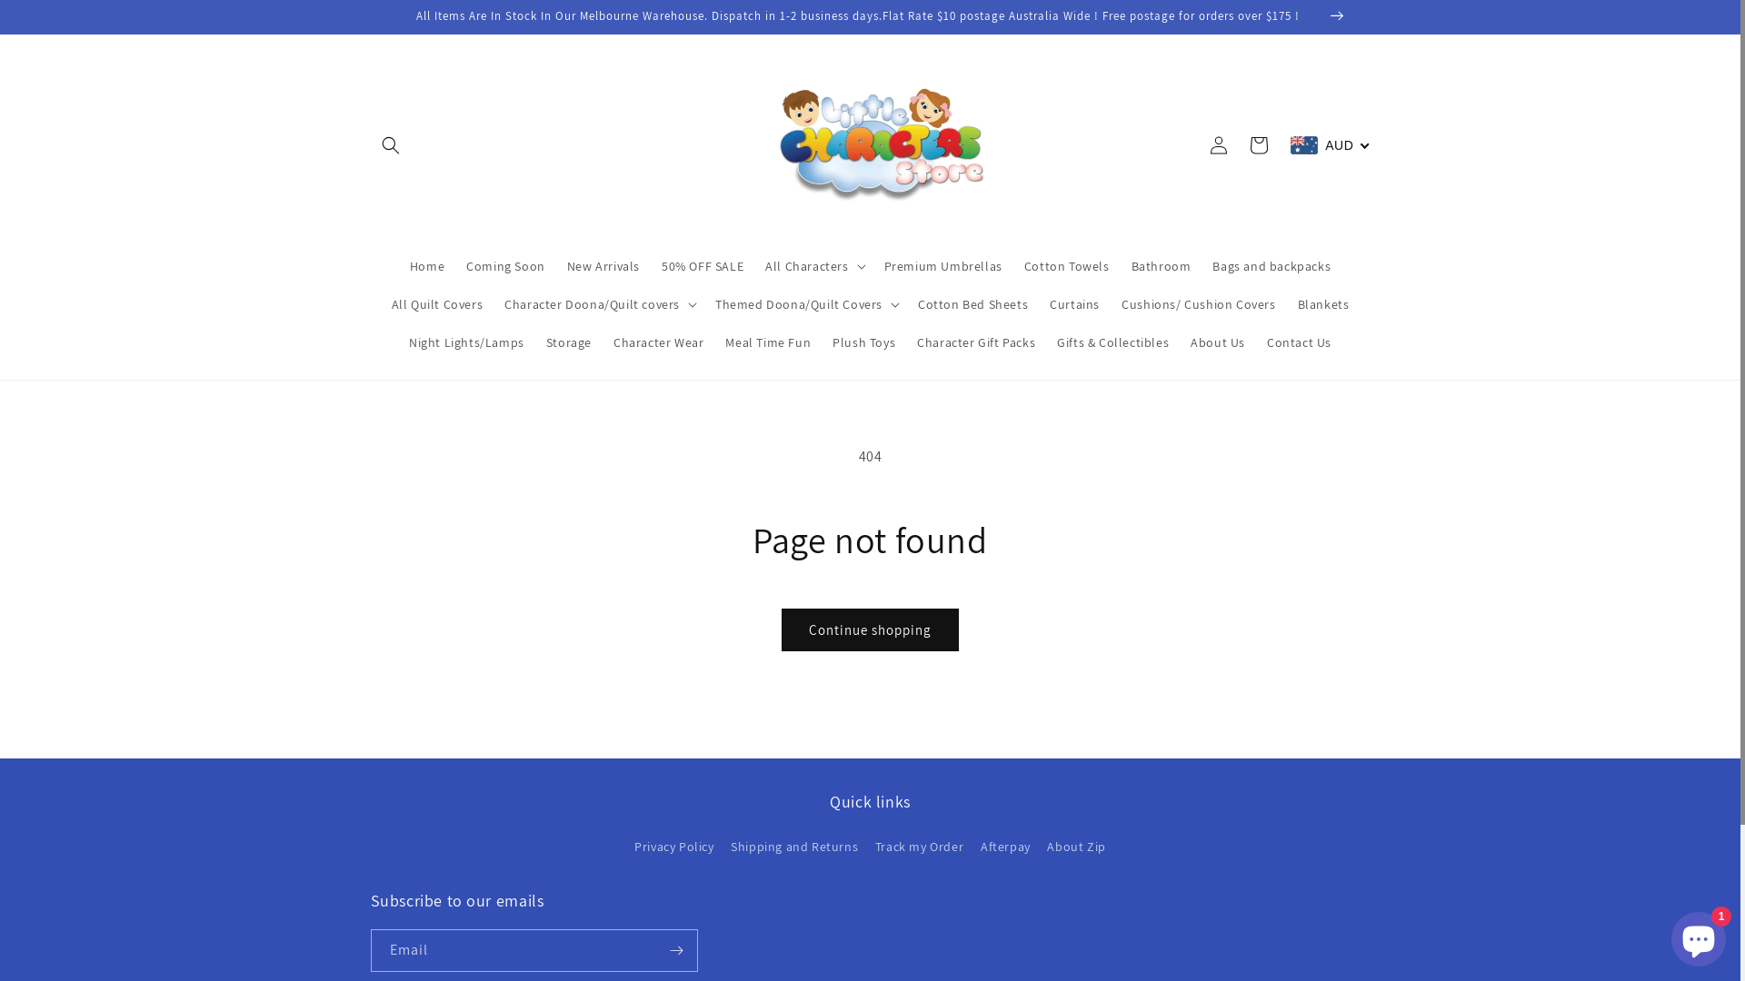  I want to click on 'Bathroom', so click(1160, 266).